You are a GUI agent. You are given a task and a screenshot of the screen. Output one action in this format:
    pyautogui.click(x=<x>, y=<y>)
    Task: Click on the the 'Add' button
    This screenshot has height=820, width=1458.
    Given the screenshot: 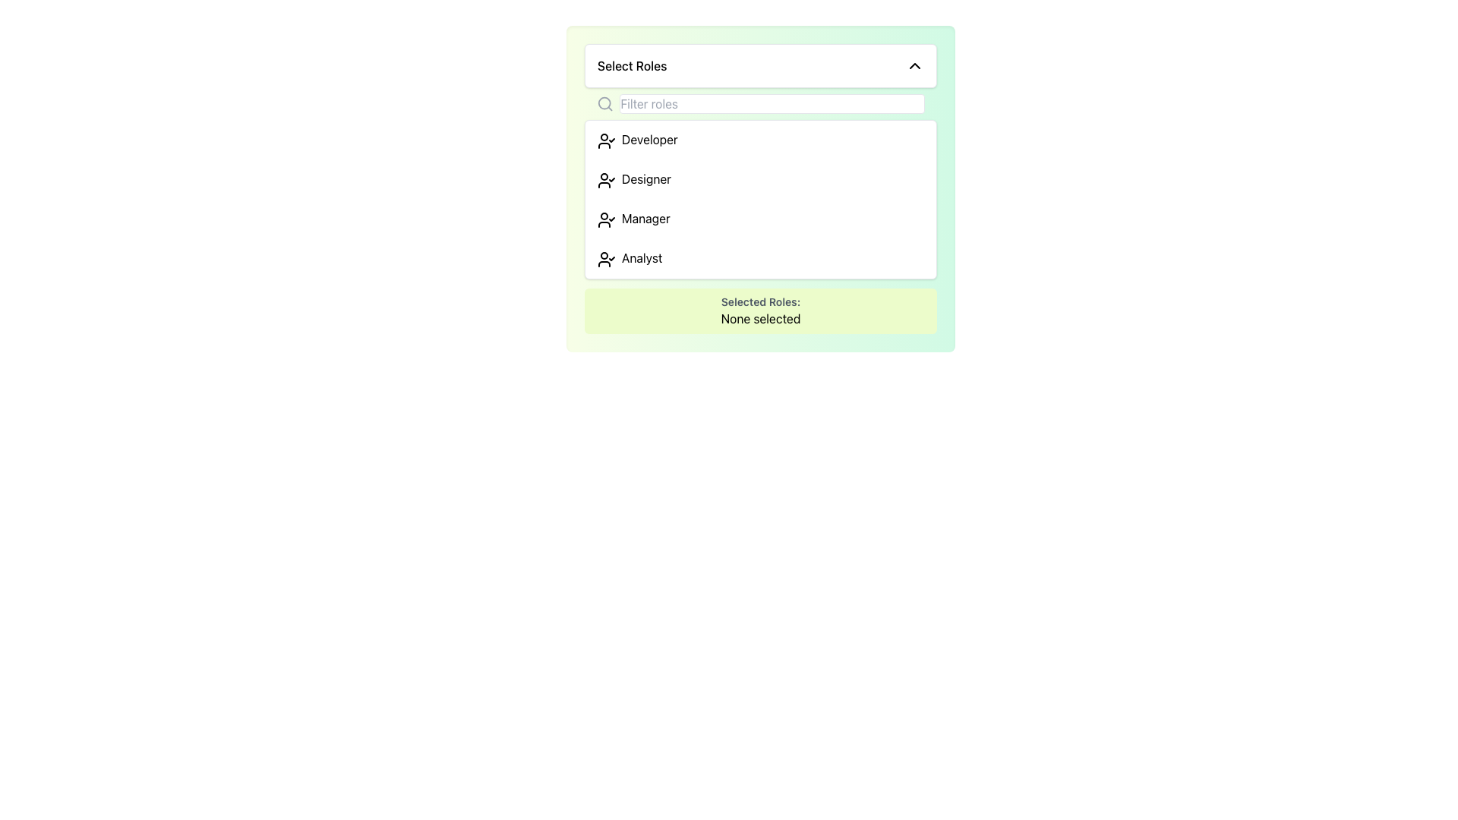 What is the action you would take?
    pyautogui.click(x=761, y=219)
    